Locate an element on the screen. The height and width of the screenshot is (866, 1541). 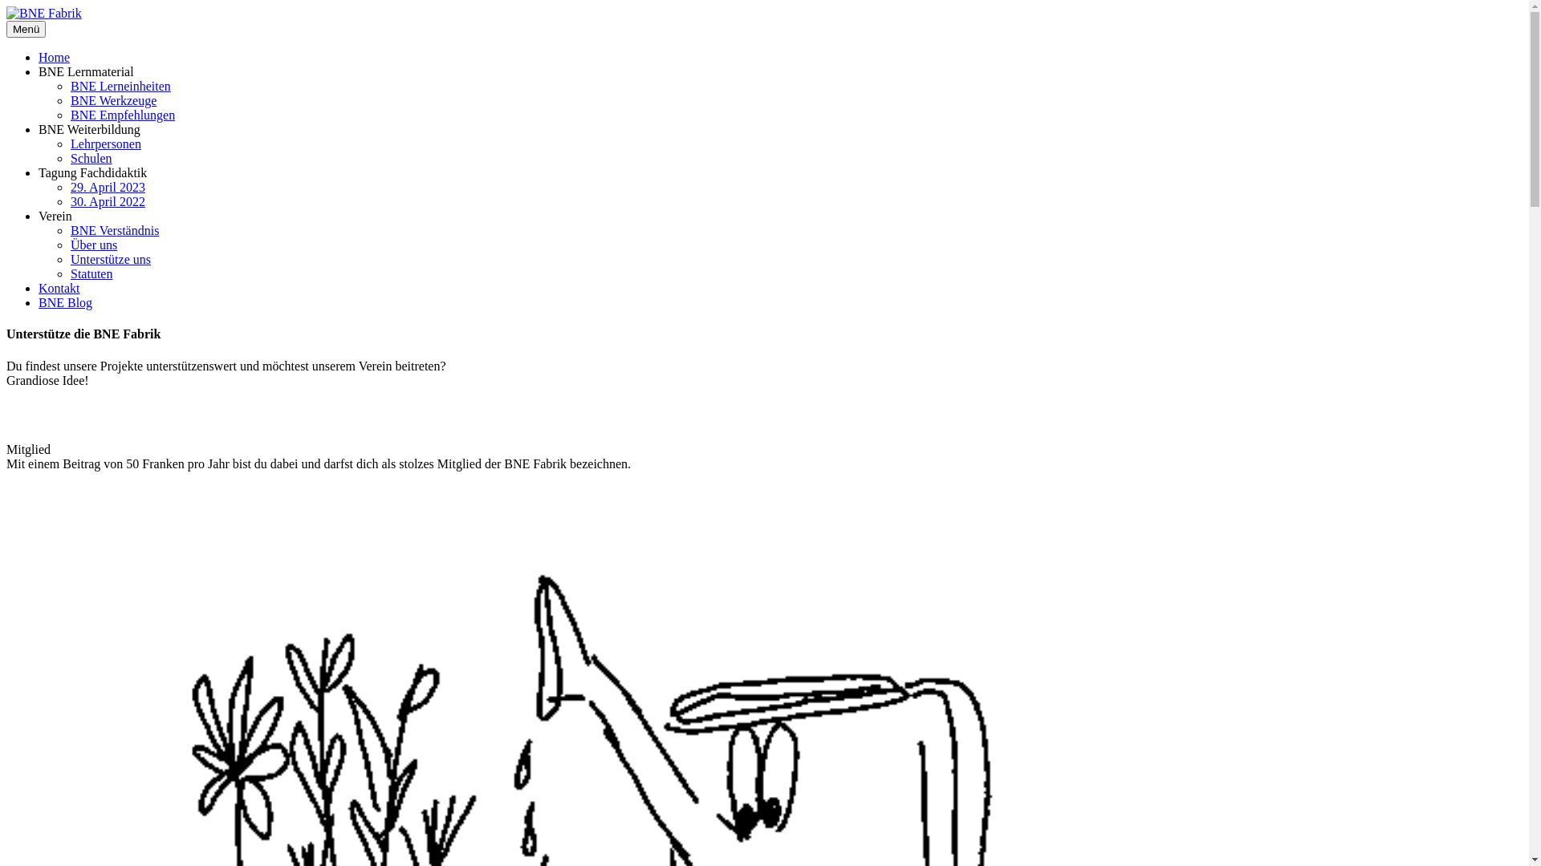
'Kontakt' is located at coordinates (59, 287).